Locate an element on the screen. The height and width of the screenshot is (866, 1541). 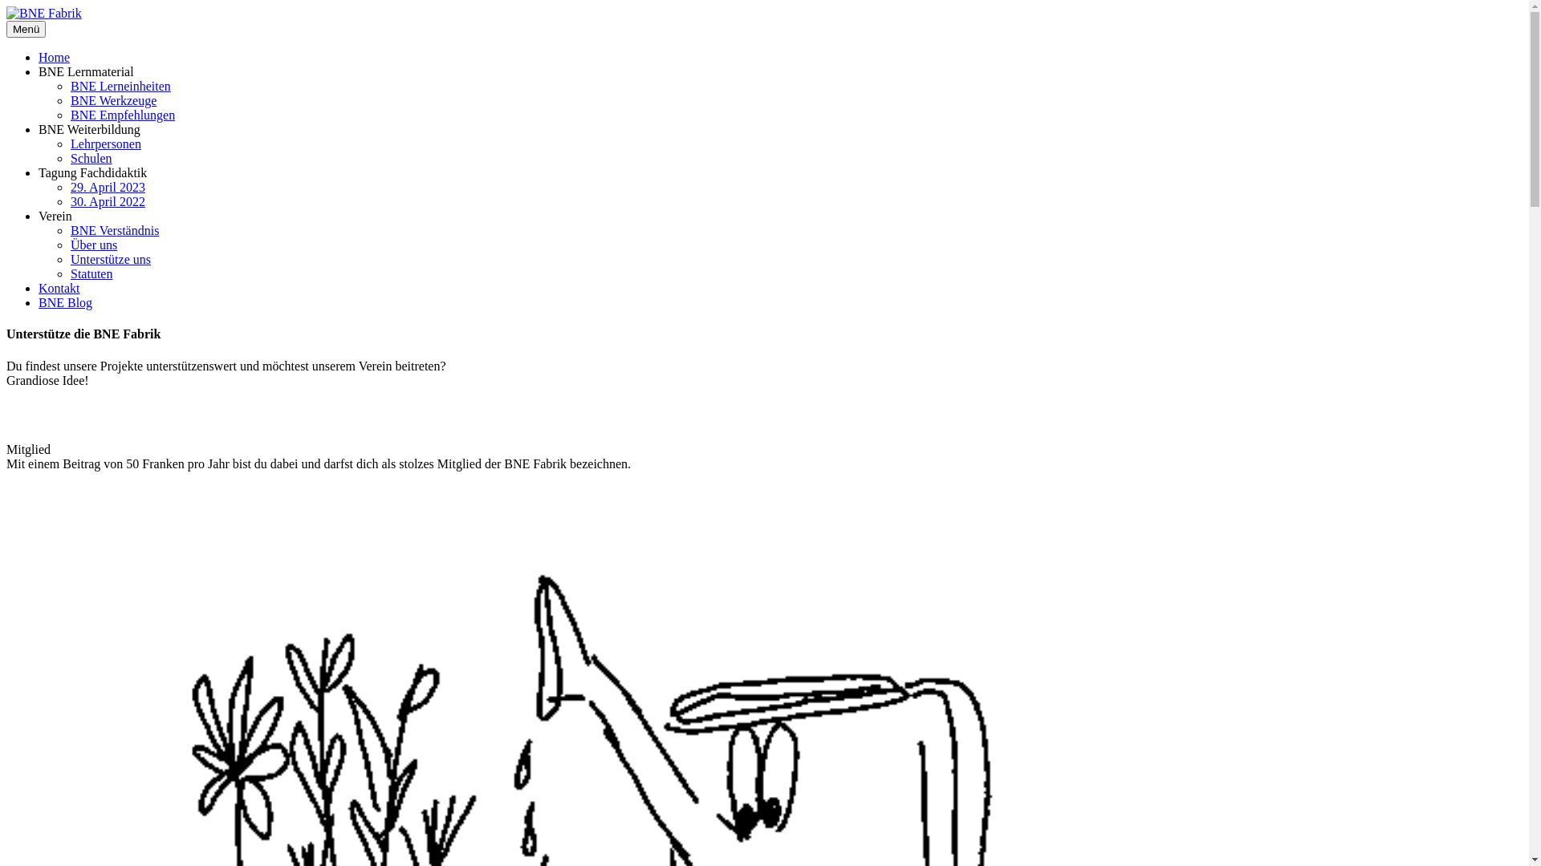
'Kontakt' is located at coordinates (59, 287).